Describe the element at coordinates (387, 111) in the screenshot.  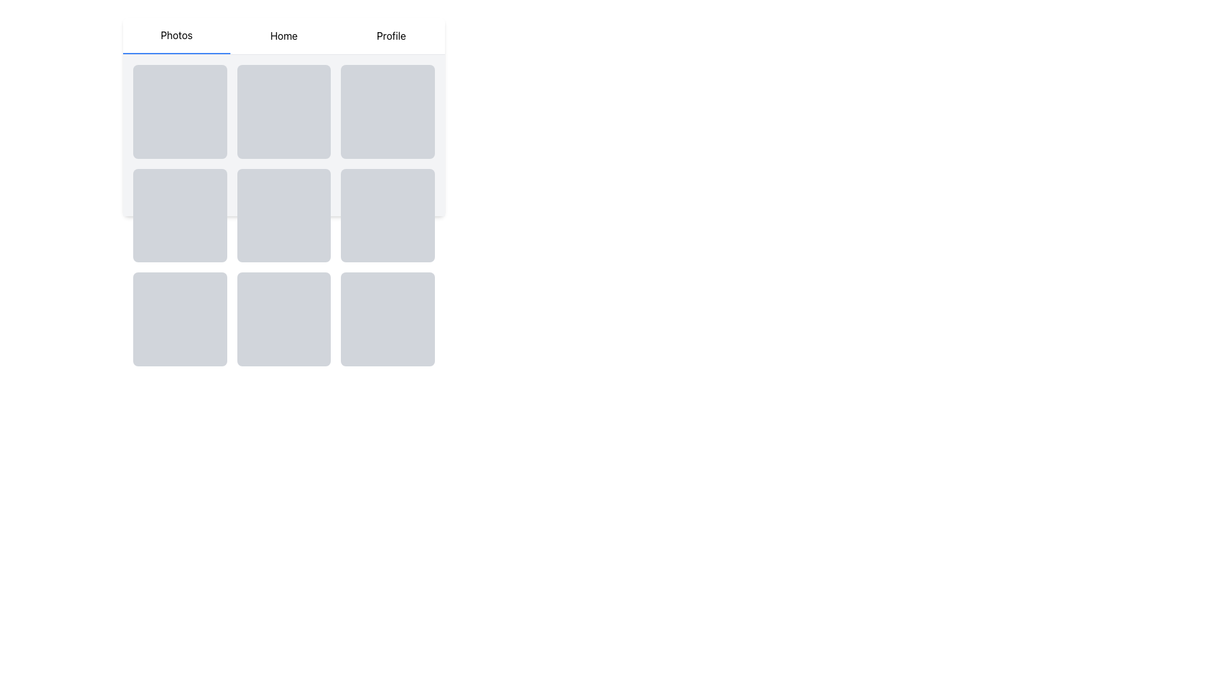
I see `the placeholder or decorative box located in the top row and third column of the 3x3 grid structure` at that location.